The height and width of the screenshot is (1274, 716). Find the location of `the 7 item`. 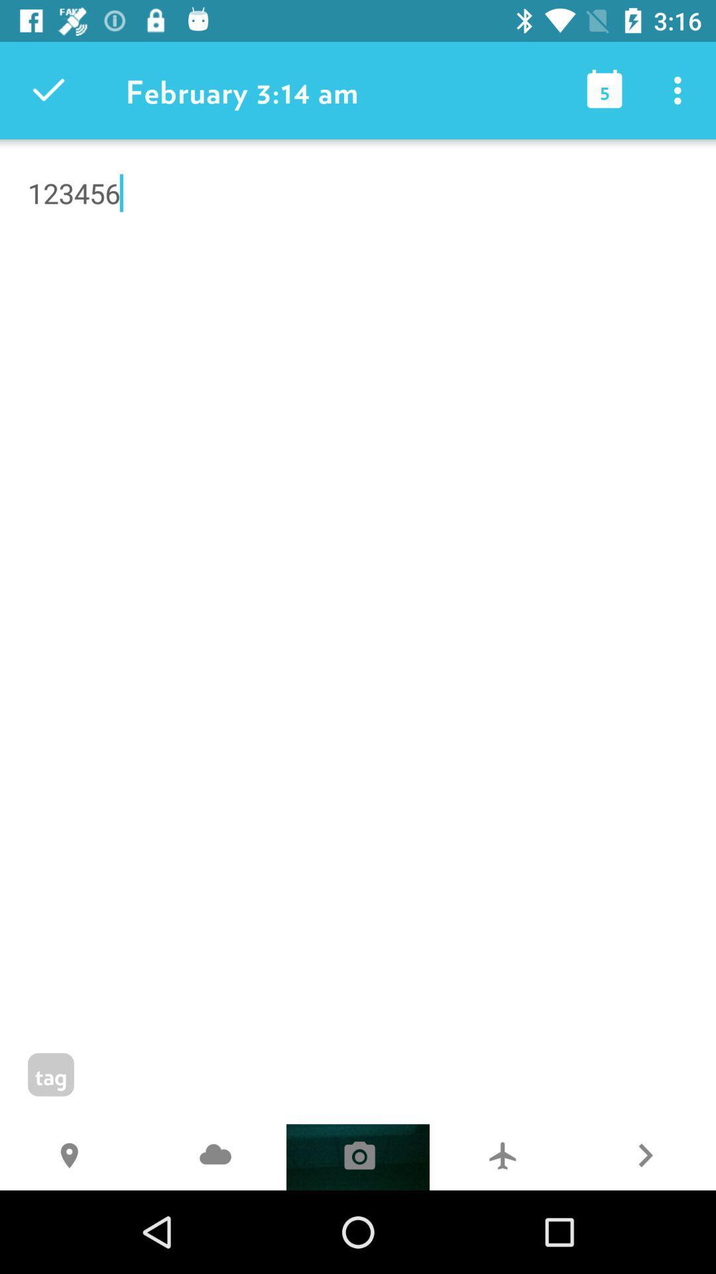

the 7 item is located at coordinates (501, 1157).